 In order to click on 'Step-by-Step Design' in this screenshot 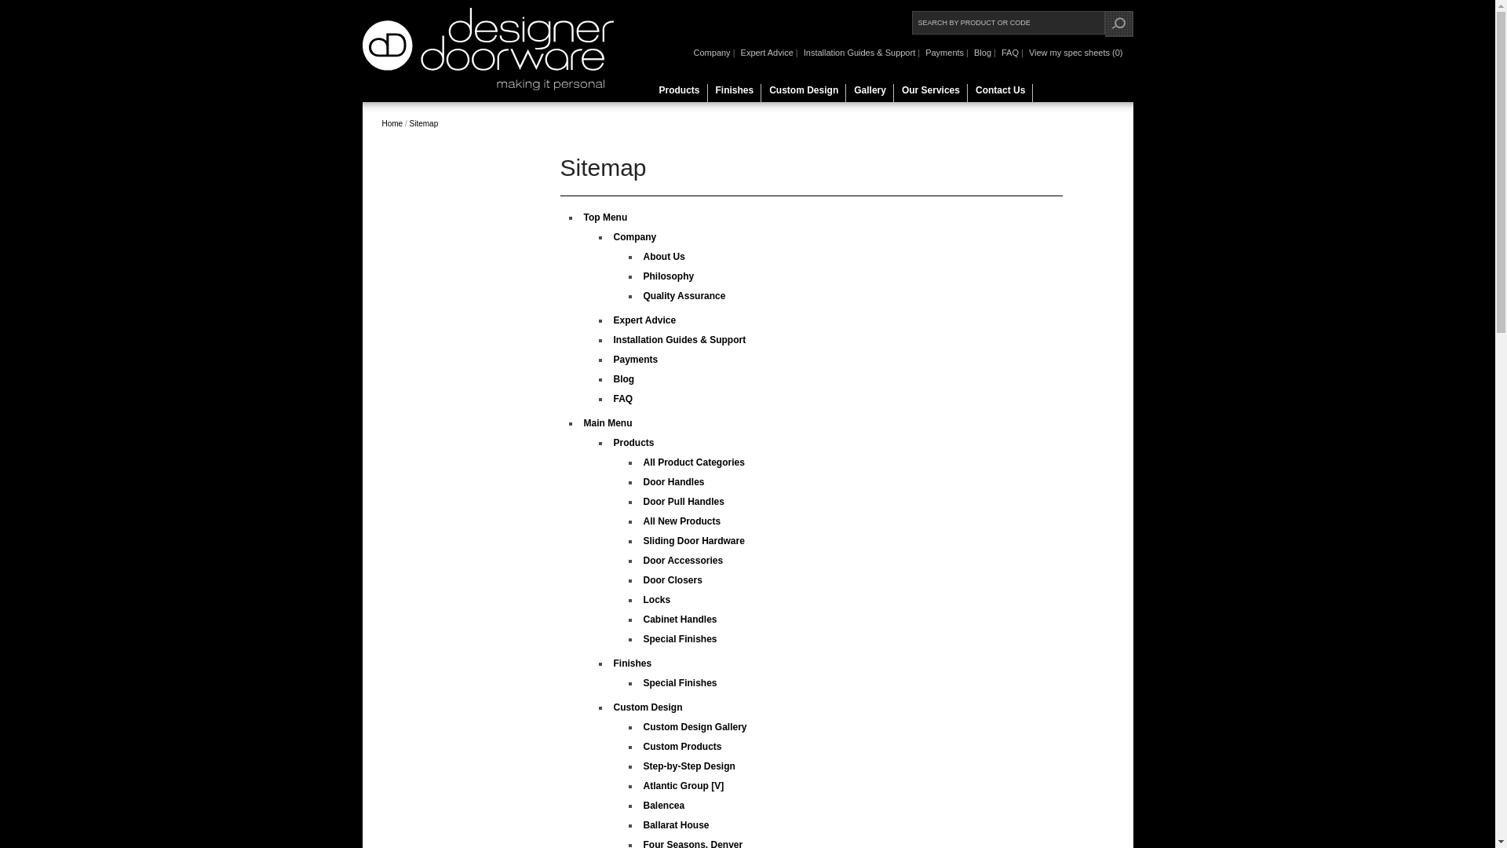, I will do `click(689, 765)`.